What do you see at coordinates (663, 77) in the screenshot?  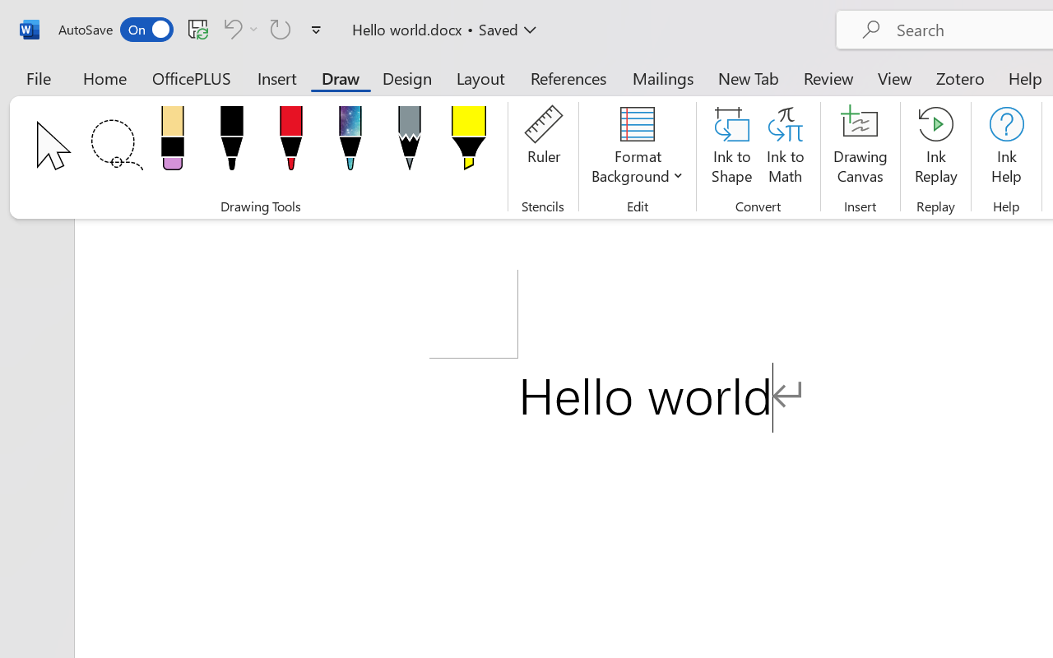 I see `'Mailings'` at bounding box center [663, 77].